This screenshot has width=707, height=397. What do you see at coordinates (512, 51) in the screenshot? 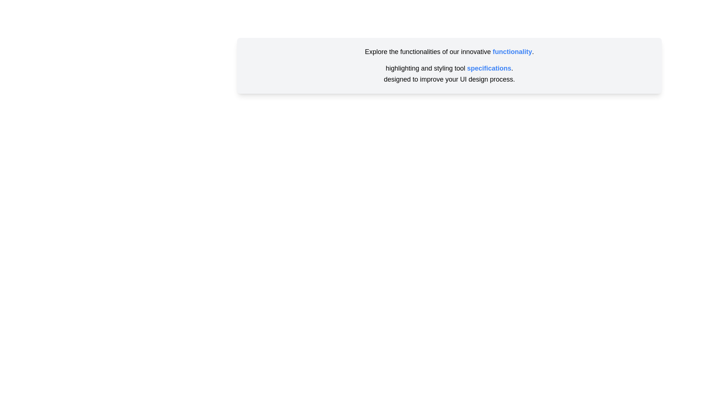
I see `the clickable text or hyperlink labeled 'functionality', which is styled in blue and appears towards the end of the sentence starting with 'Explore the functionalities of our innovative...'` at bounding box center [512, 51].